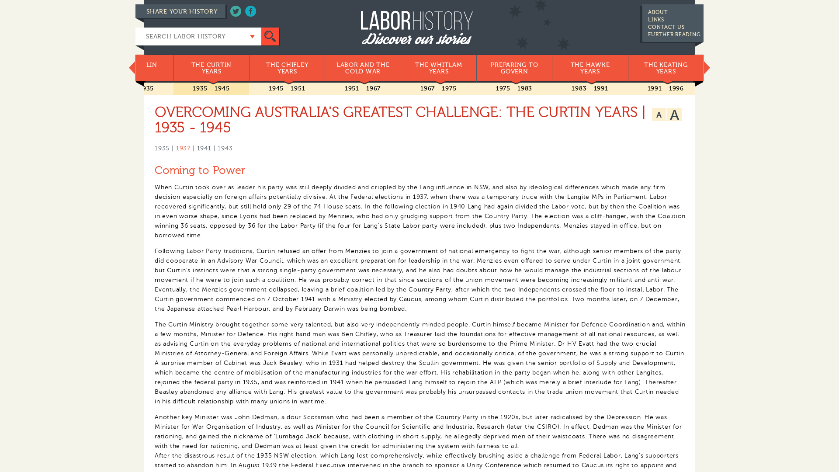 The width and height of the screenshot is (839, 472). What do you see at coordinates (589, 88) in the screenshot?
I see `'1983 - 1991'` at bounding box center [589, 88].